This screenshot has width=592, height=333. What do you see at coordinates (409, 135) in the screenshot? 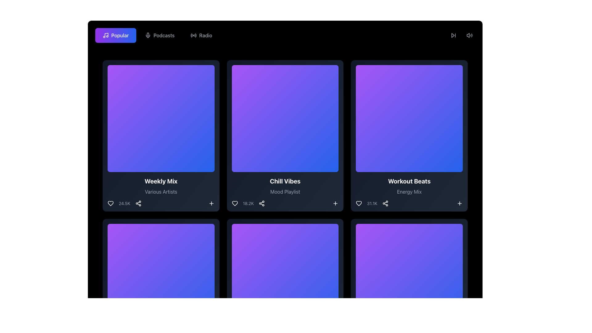
I see `the third Playlist card in the top row, which represents the 'Workout Beats' playlist` at bounding box center [409, 135].